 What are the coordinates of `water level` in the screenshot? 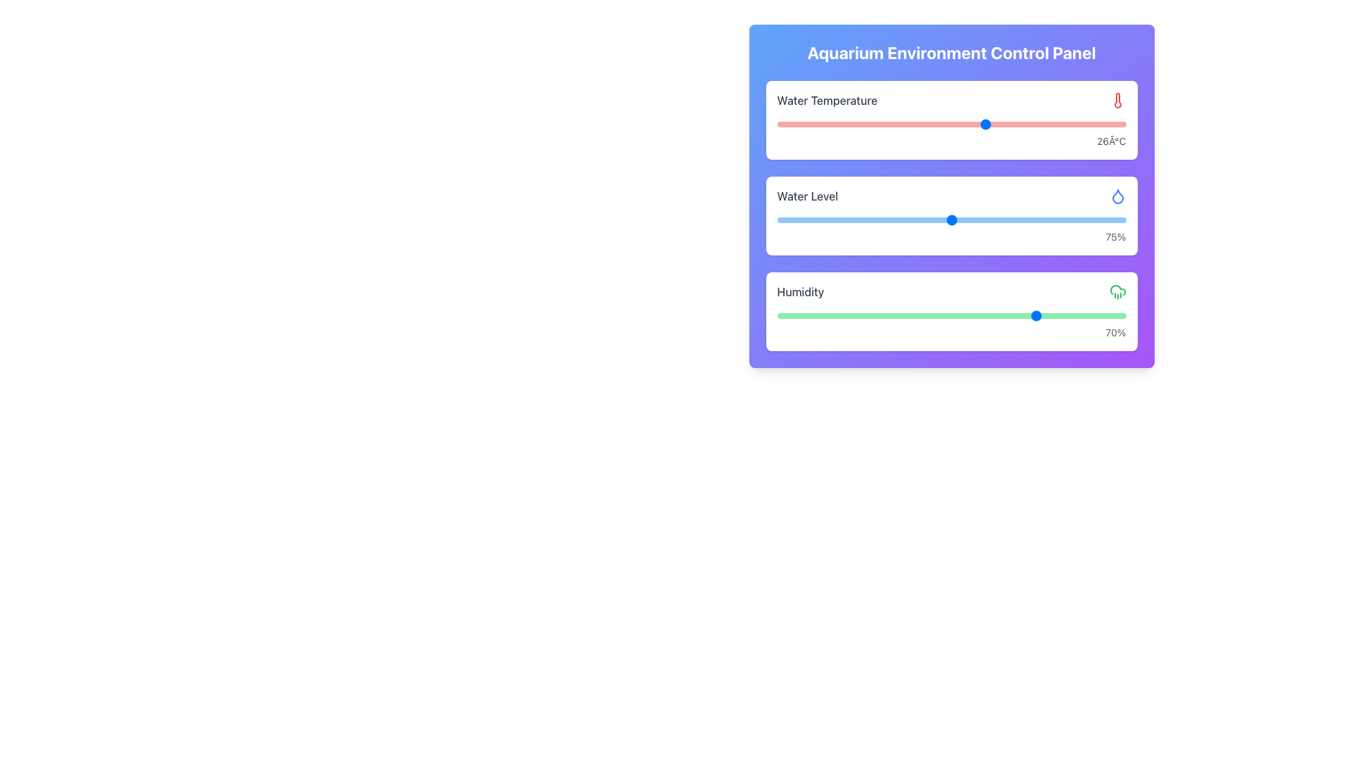 It's located at (1090, 220).